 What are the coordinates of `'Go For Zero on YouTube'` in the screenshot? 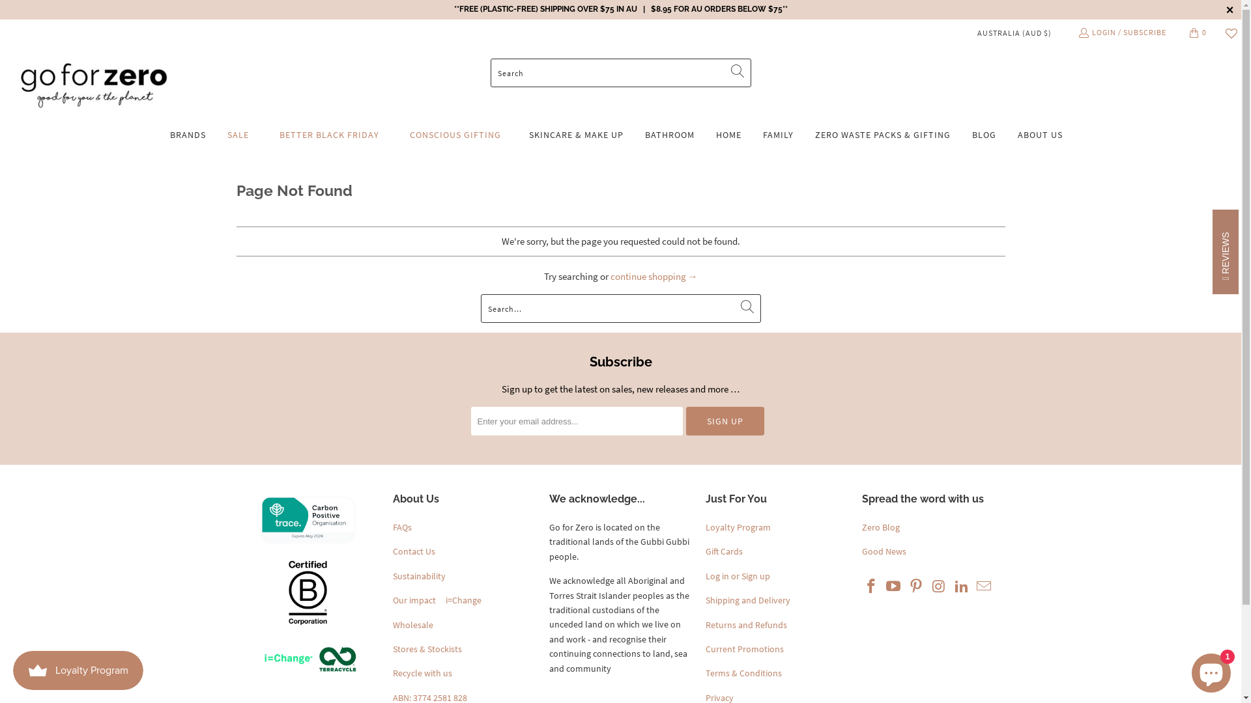 It's located at (893, 586).